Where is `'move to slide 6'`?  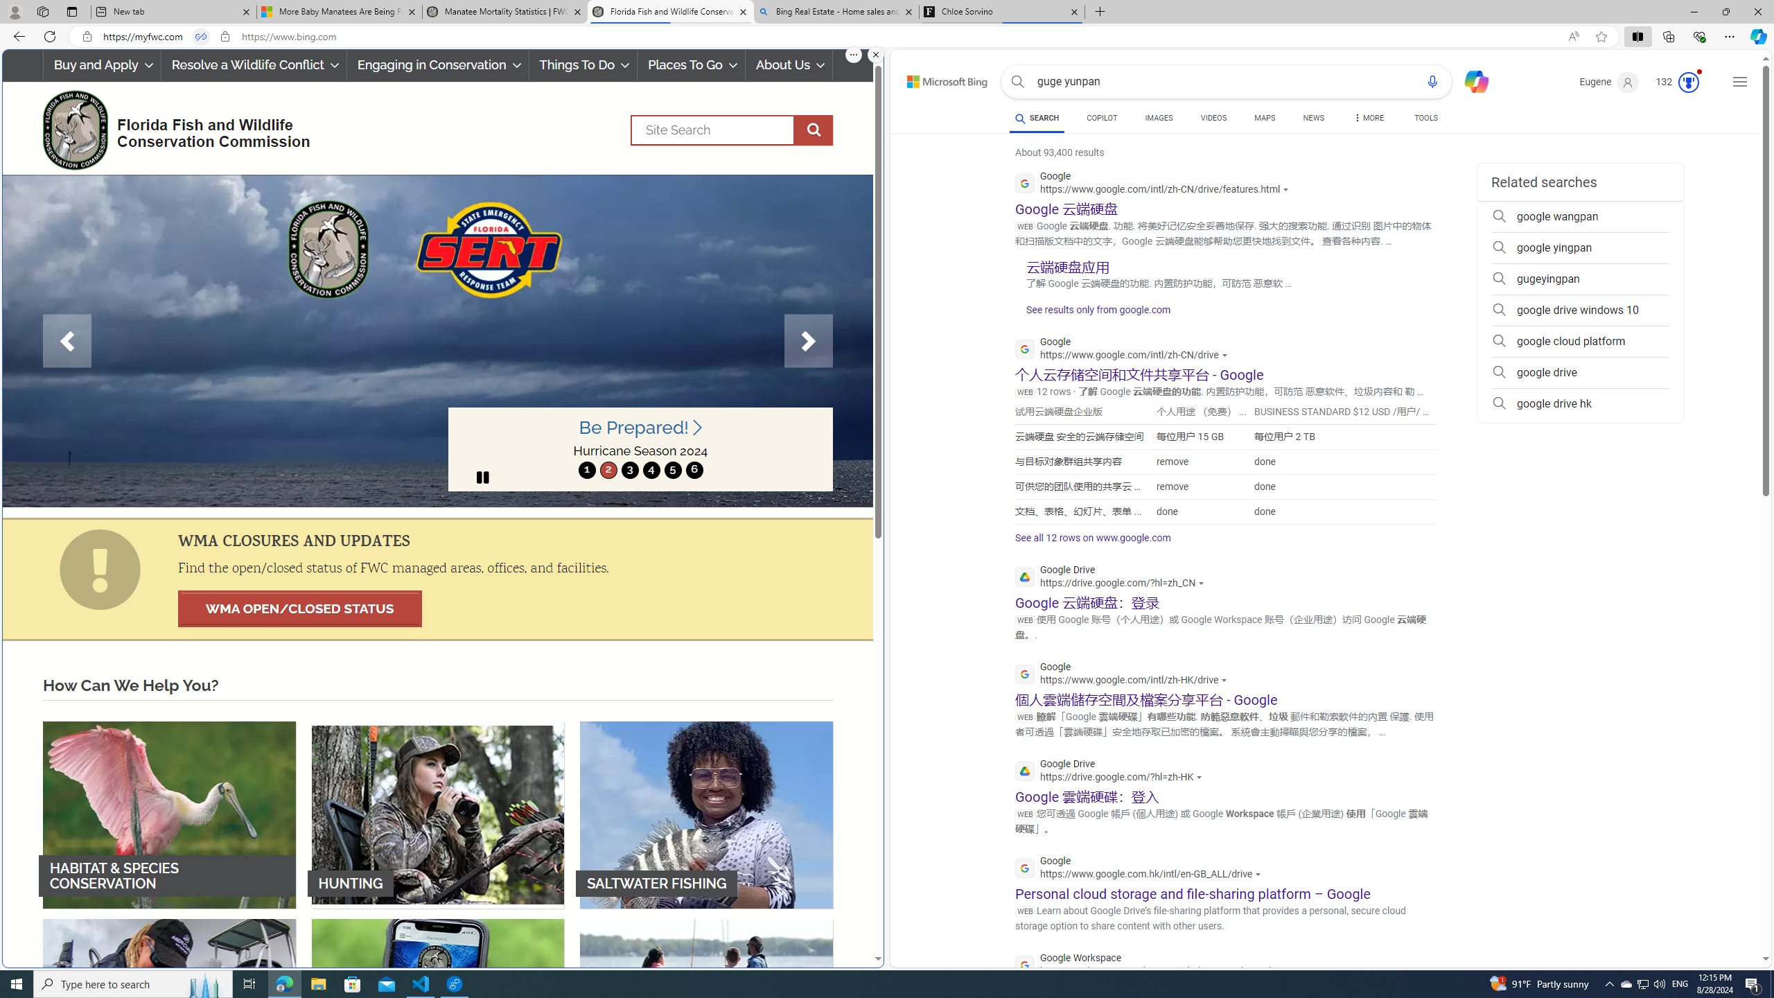
'move to slide 6' is located at coordinates (692, 469).